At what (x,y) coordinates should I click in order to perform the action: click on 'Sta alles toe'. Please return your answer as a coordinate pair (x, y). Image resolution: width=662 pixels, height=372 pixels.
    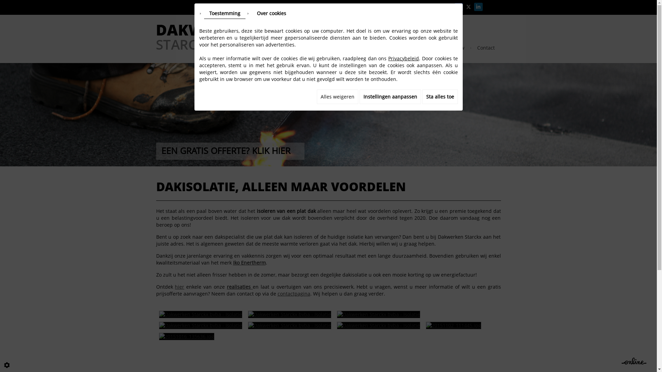
    Looking at the image, I should click on (439, 97).